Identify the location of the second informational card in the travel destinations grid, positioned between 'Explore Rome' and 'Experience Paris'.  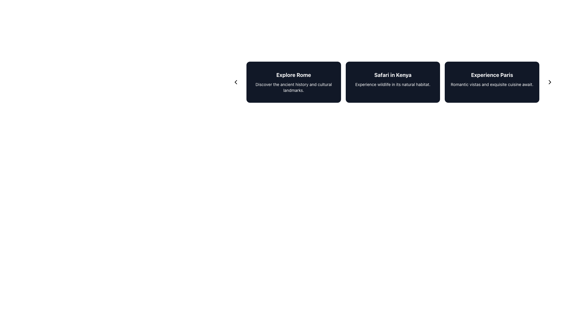
(393, 82).